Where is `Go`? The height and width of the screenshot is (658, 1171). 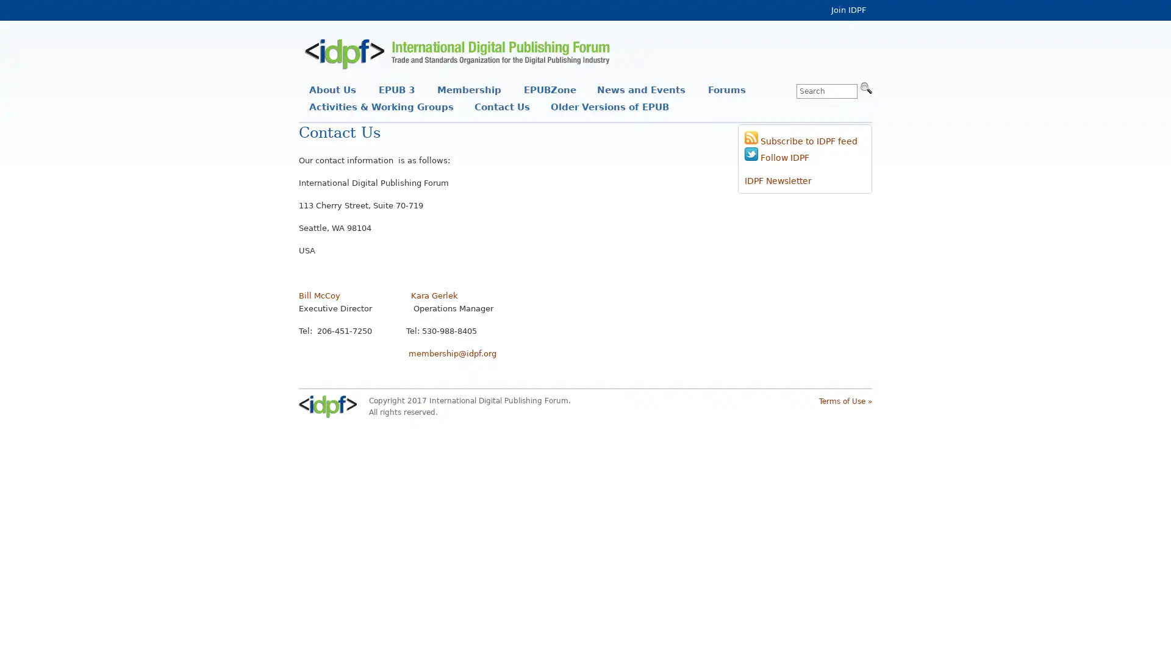
Go is located at coordinates (865, 87).